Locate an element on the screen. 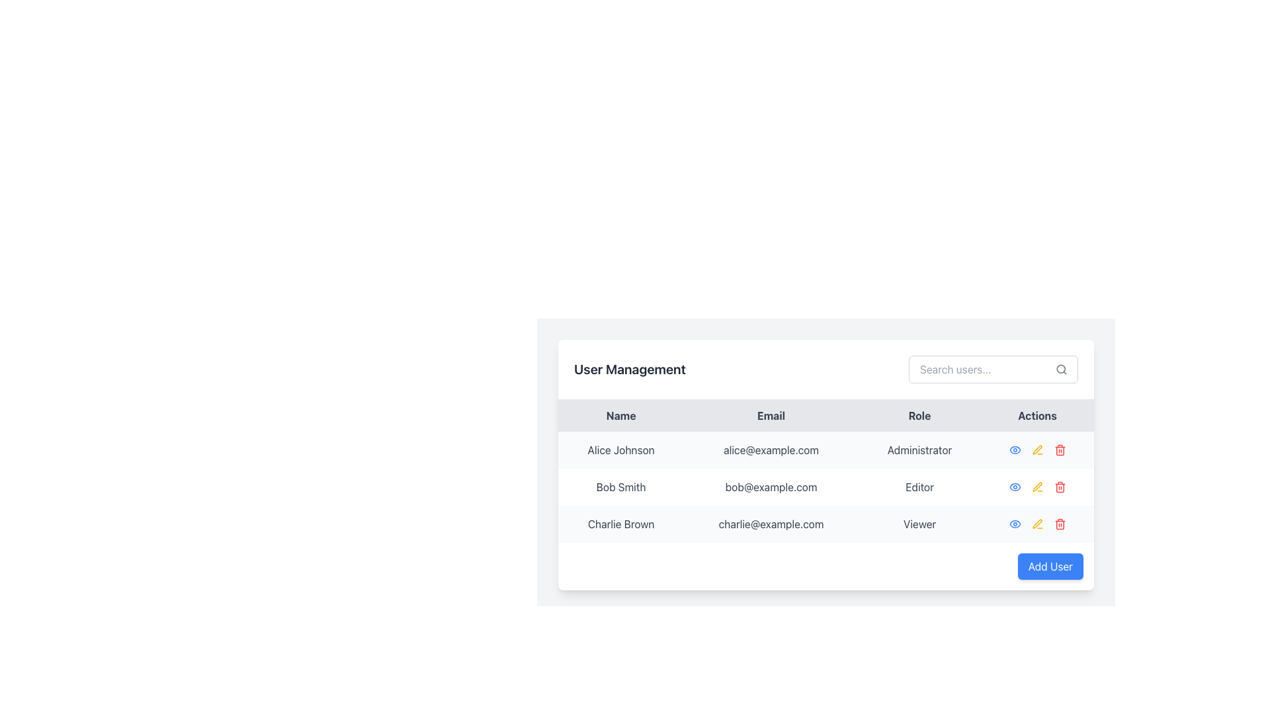  the 'Name' text label in the first column header of the User Management table, which is displayed in bold sans-serif font against a light gray background is located at coordinates (620, 415).